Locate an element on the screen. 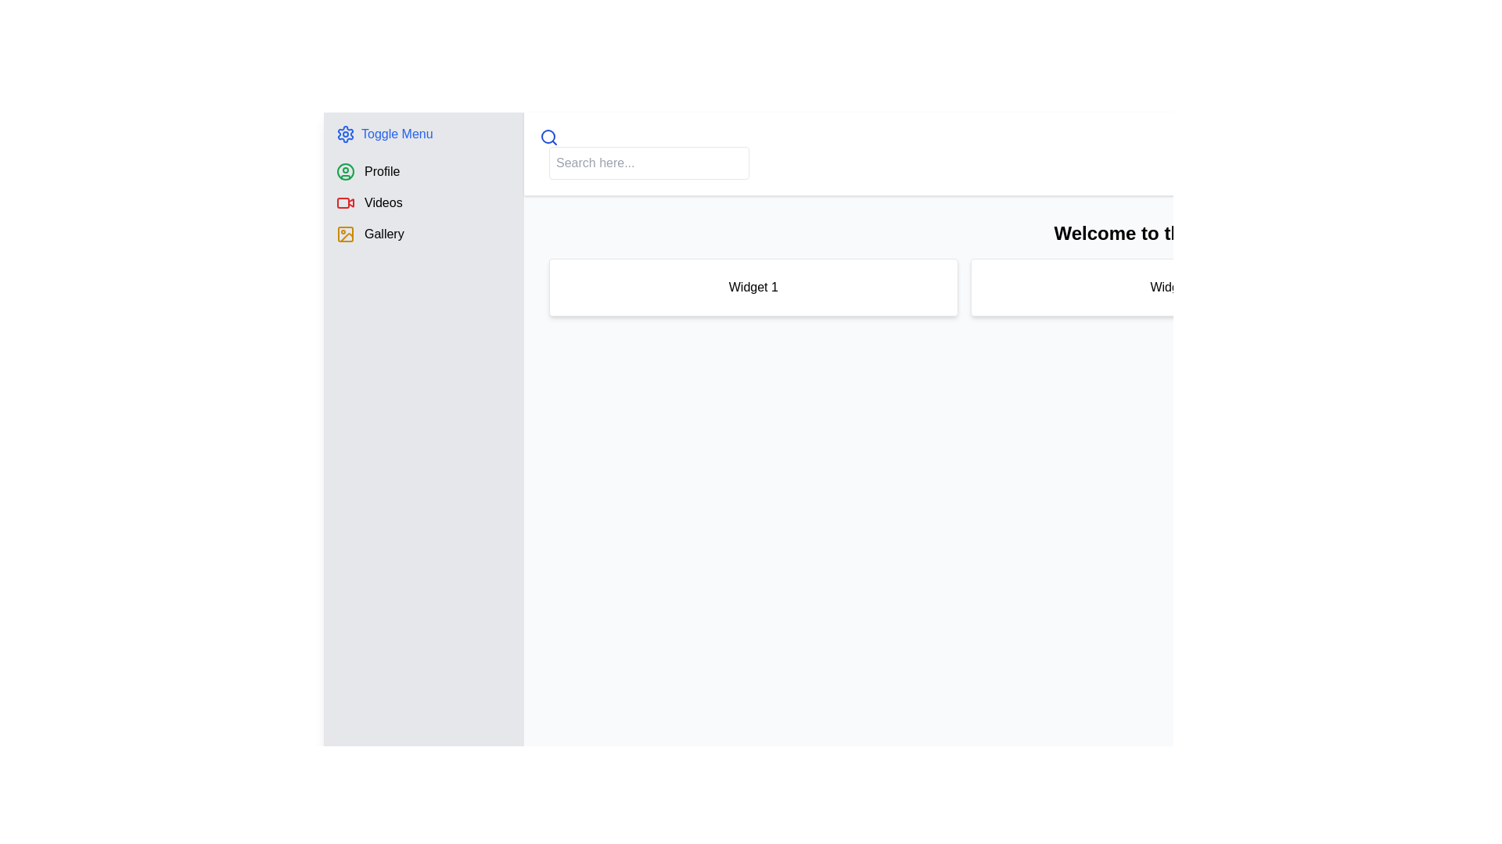 This screenshot has width=1502, height=844. the red video camera SVG icon located to the left of the 'Videos' menu item is located at coordinates (344, 202).